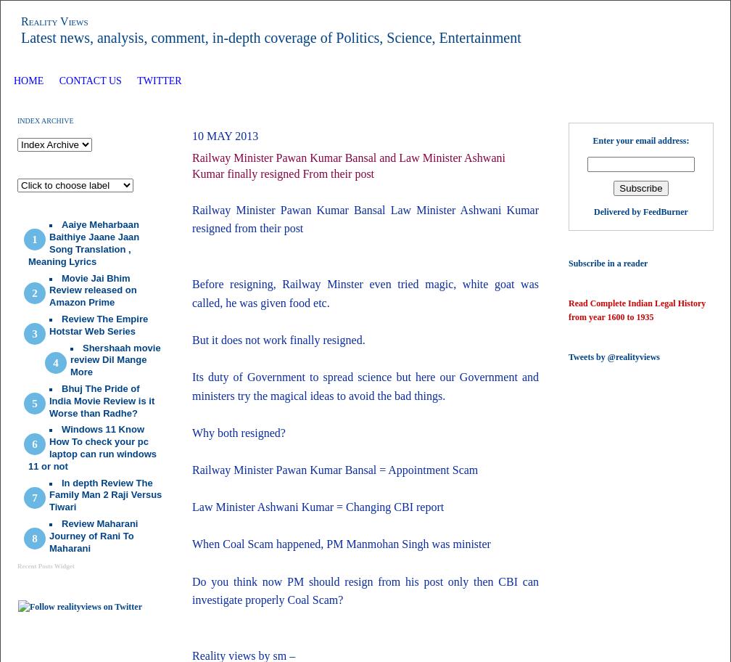 The height and width of the screenshot is (662, 731). I want to click on 'Movie Jai Bhim Review released on Amazon Prime', so click(93, 290).